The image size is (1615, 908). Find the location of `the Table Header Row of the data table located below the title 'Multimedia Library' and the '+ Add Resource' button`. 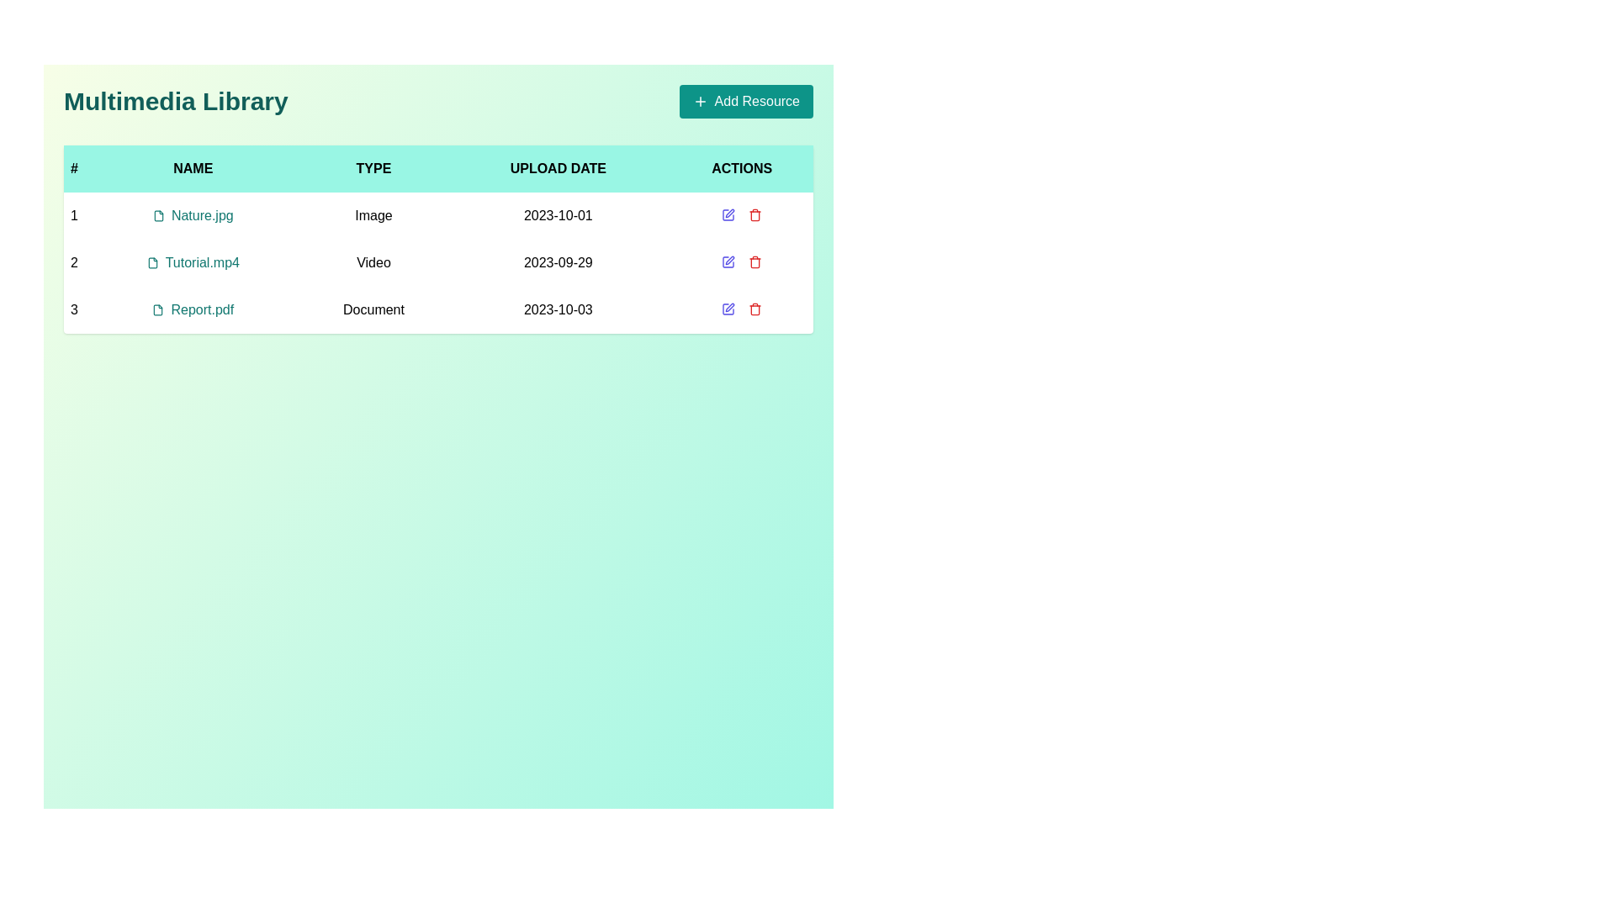

the Table Header Row of the data table located below the title 'Multimedia Library' and the '+ Add Resource' button is located at coordinates (438, 168).